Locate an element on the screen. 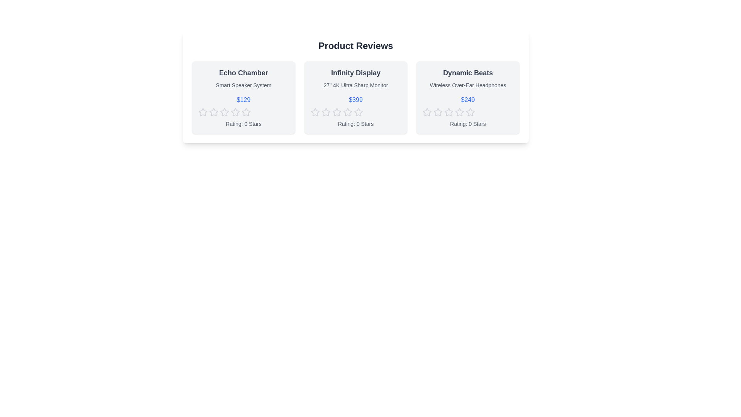 The height and width of the screenshot is (417, 741). the static text indicating the current rating value of the 'Infinity Display' product, which shows a rating of 0 out of 5 stars, located at the bottom of the product card description is located at coordinates (355, 123).